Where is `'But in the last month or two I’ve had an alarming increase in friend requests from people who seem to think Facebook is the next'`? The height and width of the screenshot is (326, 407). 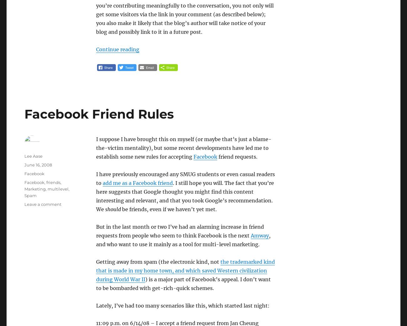 'But in the last month or two I’ve had an alarming increase in friend requests from people who seem to think Facebook is the next' is located at coordinates (179, 231).